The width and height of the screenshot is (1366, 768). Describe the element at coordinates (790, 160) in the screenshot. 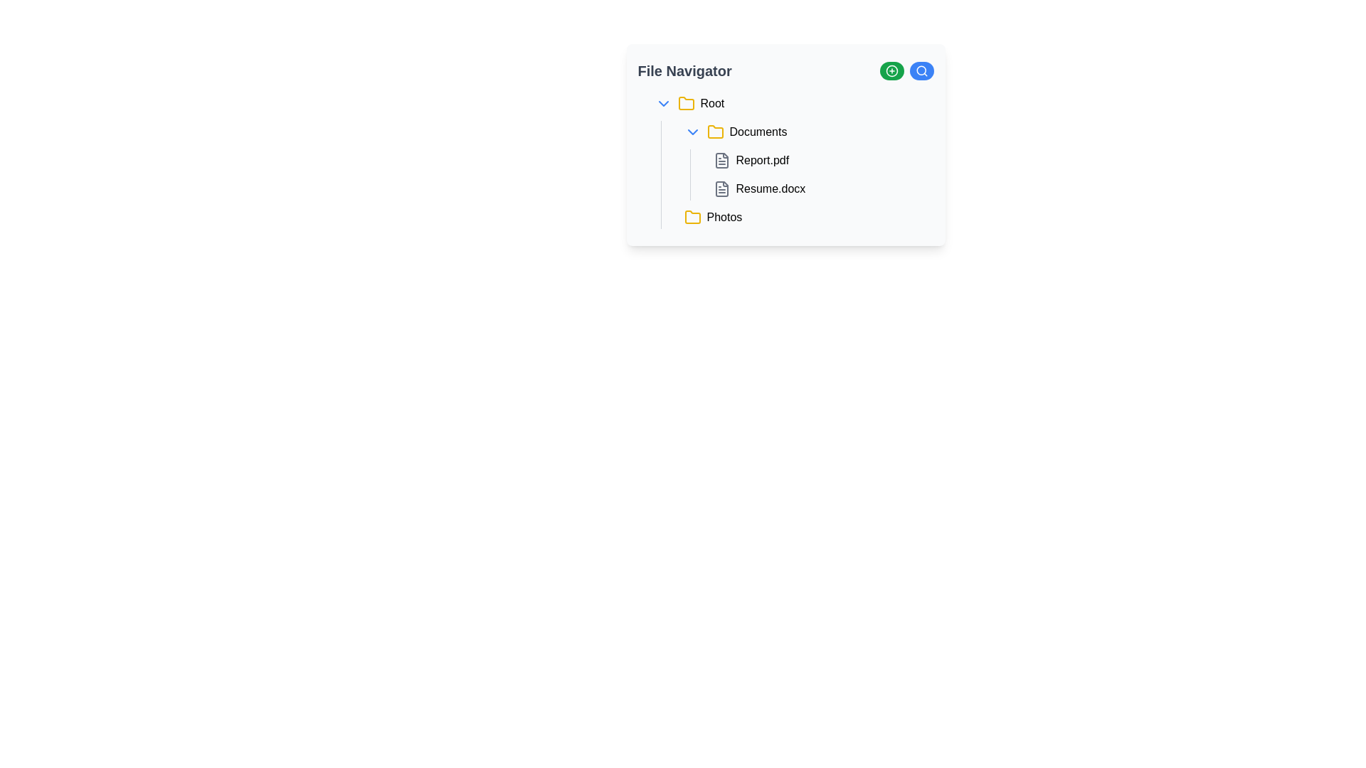

I see `the clickable file entry representing 'Report.pdf' in the 'Documents' directory` at that location.